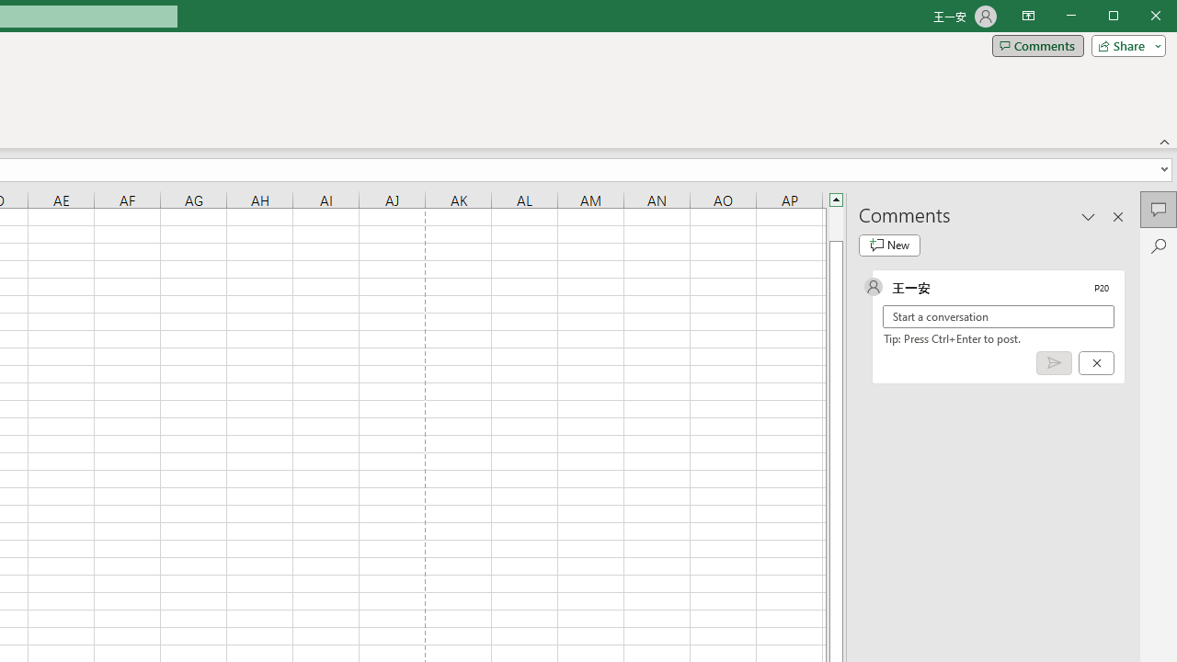 The height and width of the screenshot is (662, 1177). I want to click on 'Post comment (Ctrl + Enter)', so click(1054, 363).